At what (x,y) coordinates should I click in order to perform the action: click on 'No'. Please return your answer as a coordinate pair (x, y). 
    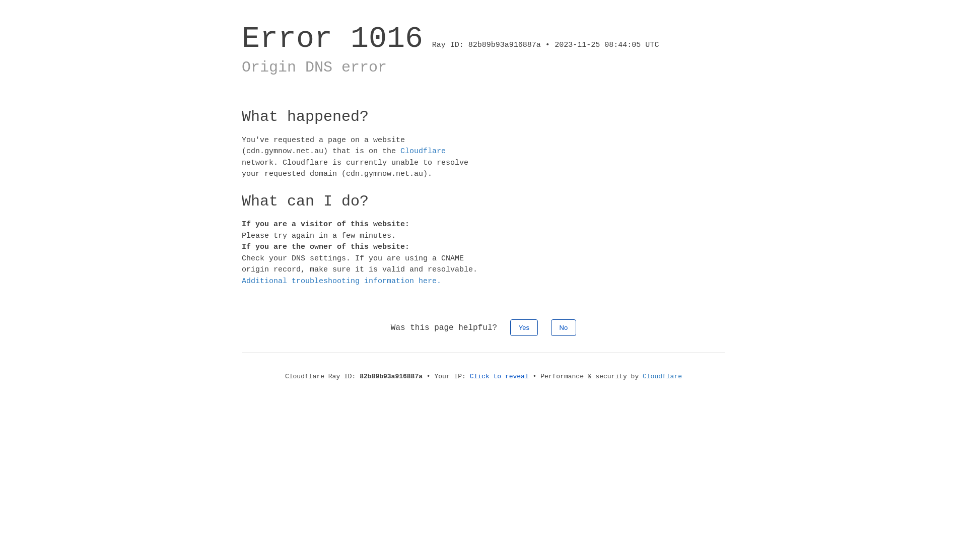
    Looking at the image, I should click on (563, 327).